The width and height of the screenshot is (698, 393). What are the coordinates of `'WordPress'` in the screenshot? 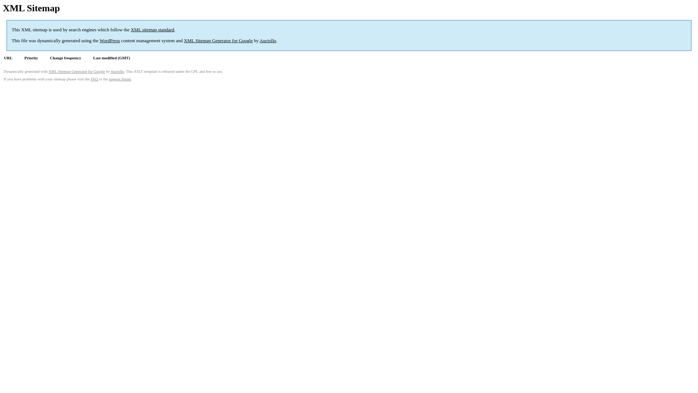 It's located at (109, 40).